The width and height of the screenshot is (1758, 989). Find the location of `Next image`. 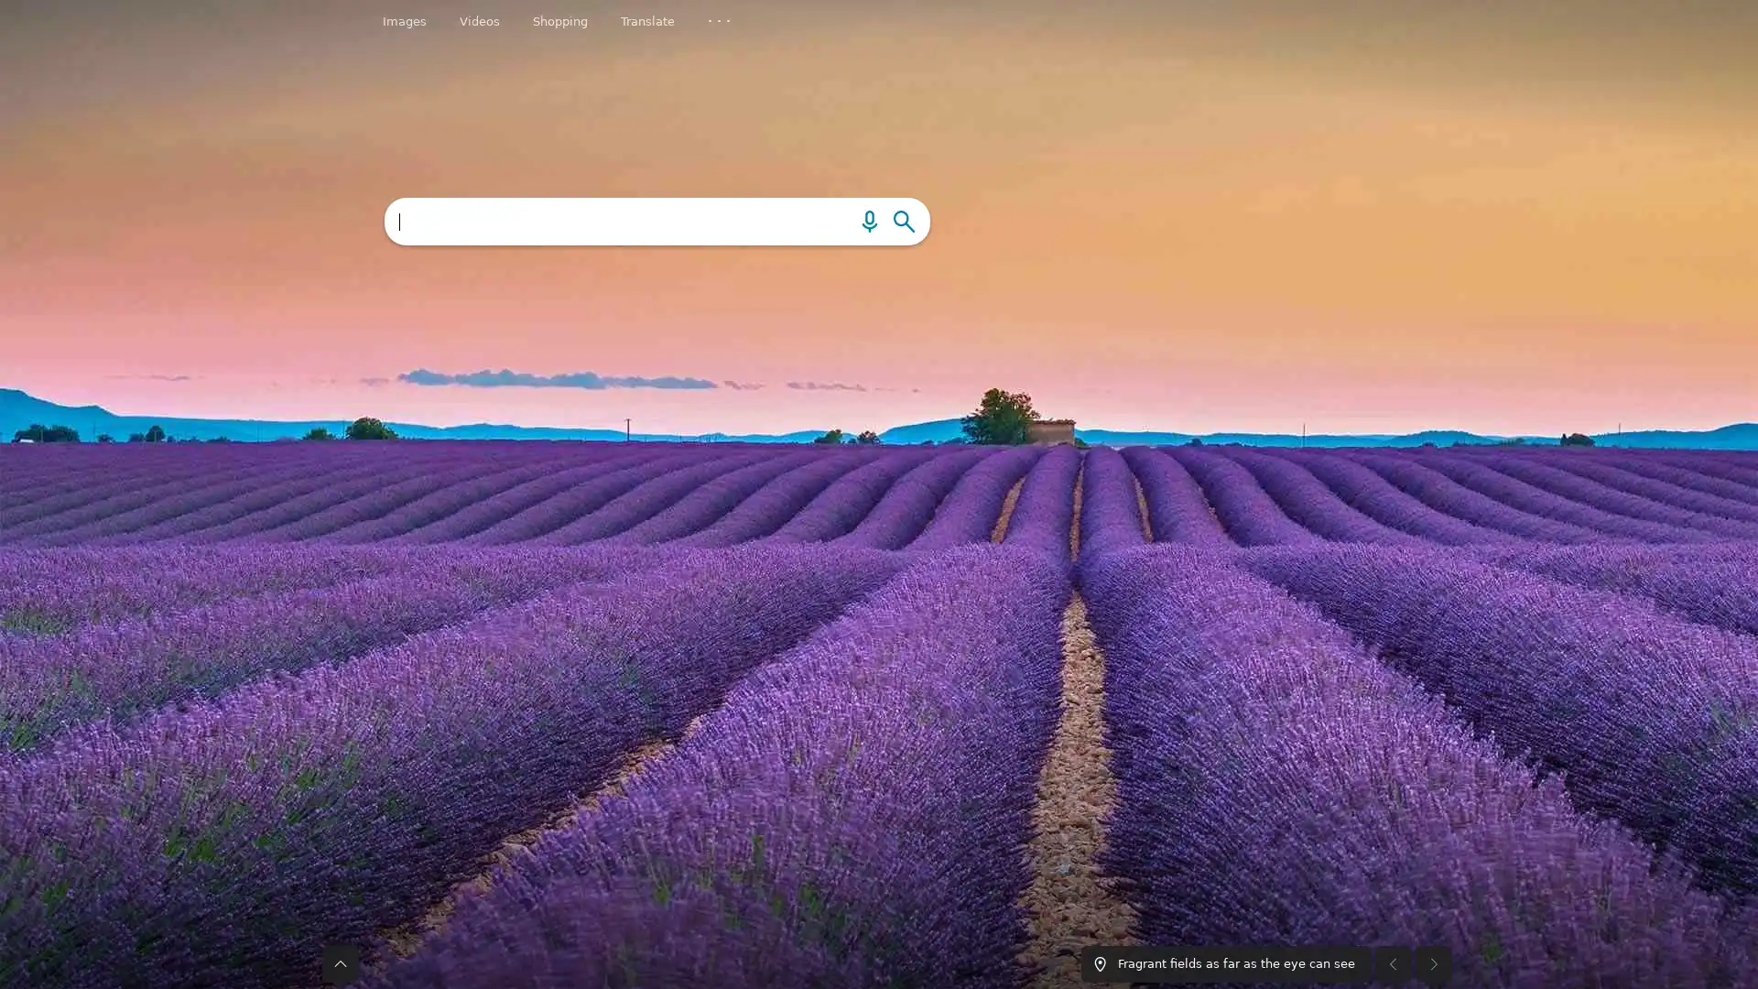

Next image is located at coordinates (1432, 712).